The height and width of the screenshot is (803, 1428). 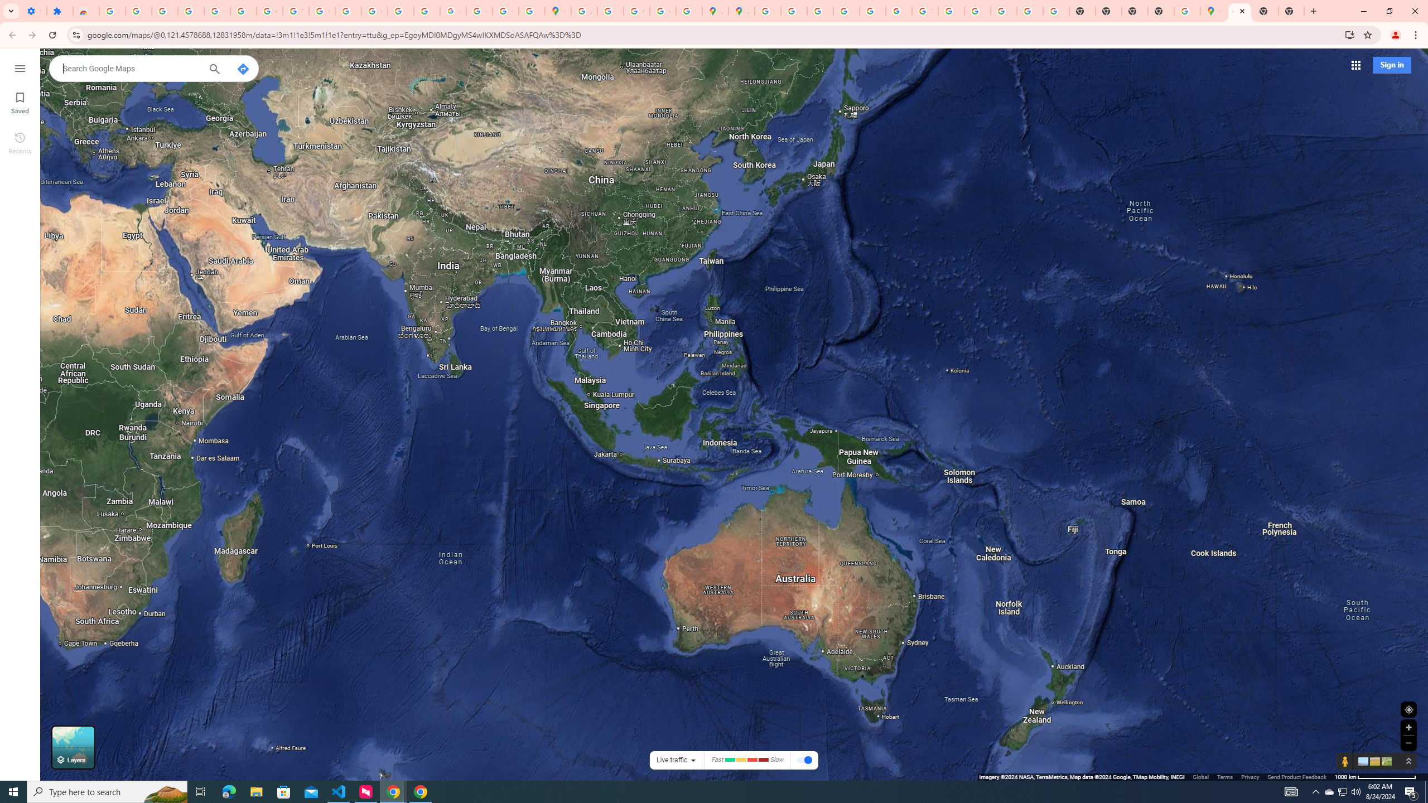 What do you see at coordinates (19, 142) in the screenshot?
I see `'Recents'` at bounding box center [19, 142].